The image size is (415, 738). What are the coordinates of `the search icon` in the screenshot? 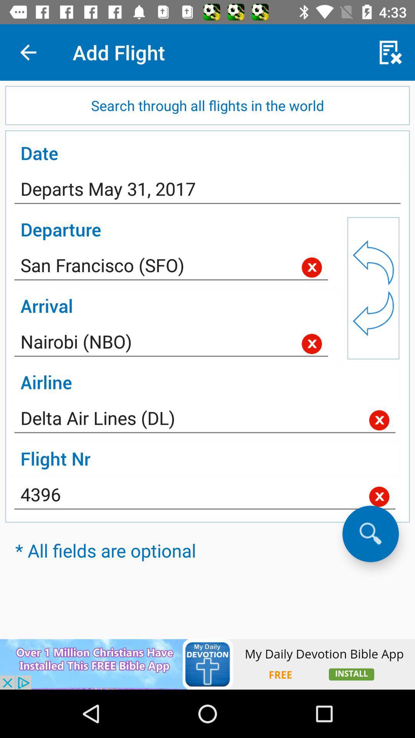 It's located at (370, 533).